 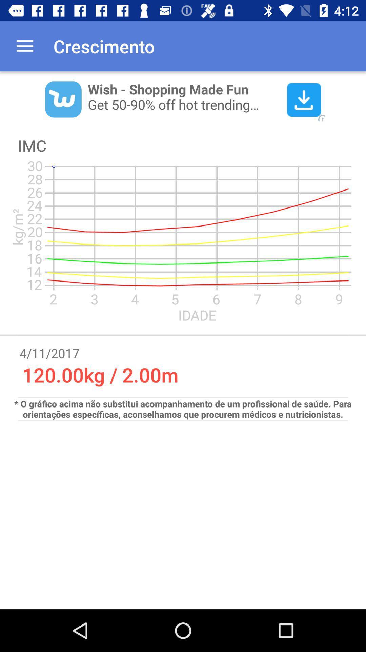 What do you see at coordinates (183, 98) in the screenshot?
I see `open advertisement` at bounding box center [183, 98].